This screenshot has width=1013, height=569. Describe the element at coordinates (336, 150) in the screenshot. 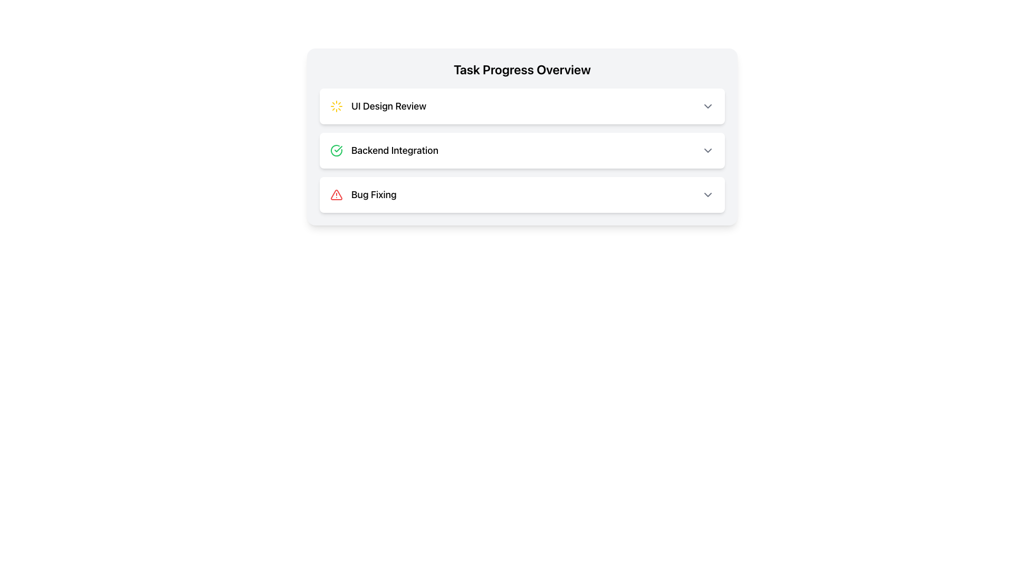

I see `the completion state icon for the task 'Backend Integration', which is positioned to the left of its text label in the task progress overview list` at that location.